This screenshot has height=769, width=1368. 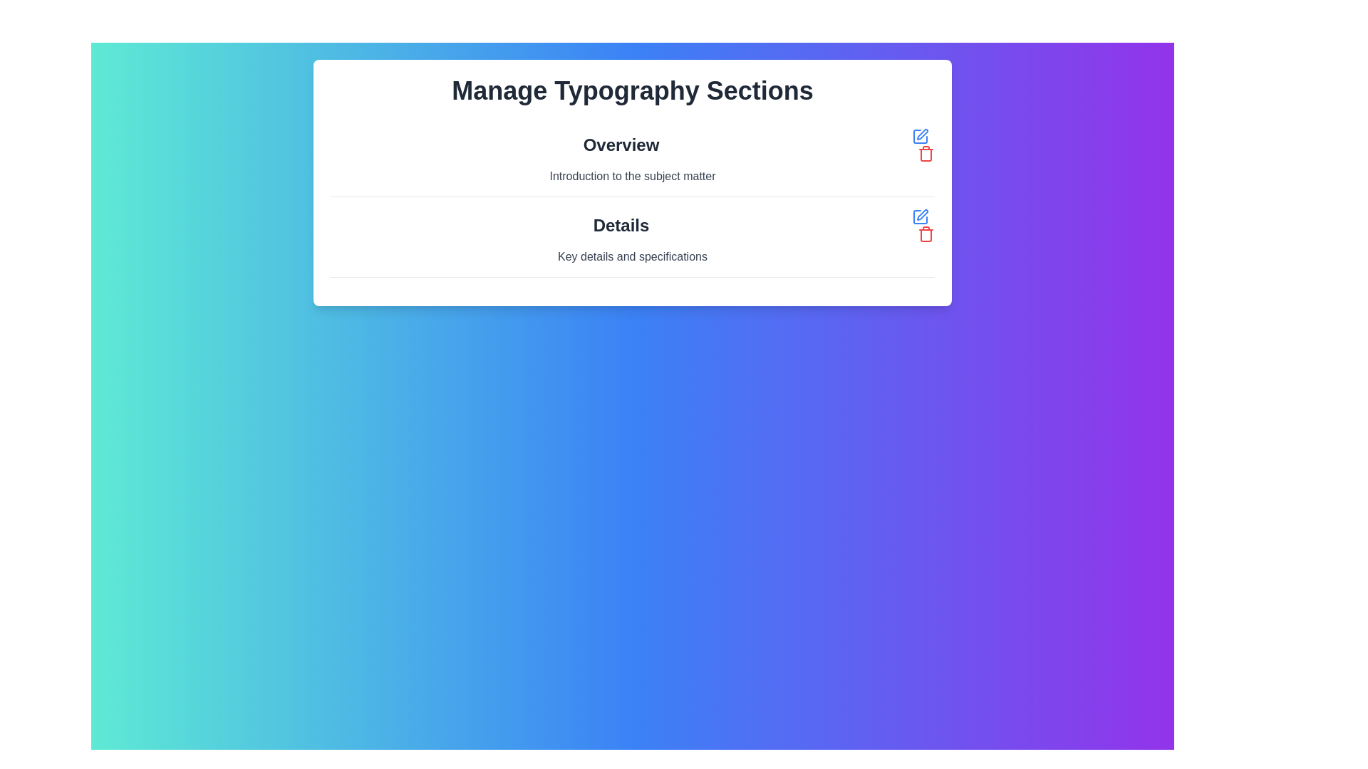 What do you see at coordinates (632, 145) in the screenshot?
I see `text of the Text Label that serves as a title or heading for the 'Overview' section, positioned above 'Introduction to the subject matter'` at bounding box center [632, 145].